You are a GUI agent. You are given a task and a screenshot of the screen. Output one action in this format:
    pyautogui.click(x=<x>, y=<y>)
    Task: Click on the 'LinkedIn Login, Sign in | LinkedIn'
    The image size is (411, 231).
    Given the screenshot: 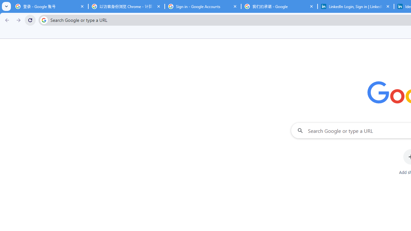 What is the action you would take?
    pyautogui.click(x=355, y=6)
    